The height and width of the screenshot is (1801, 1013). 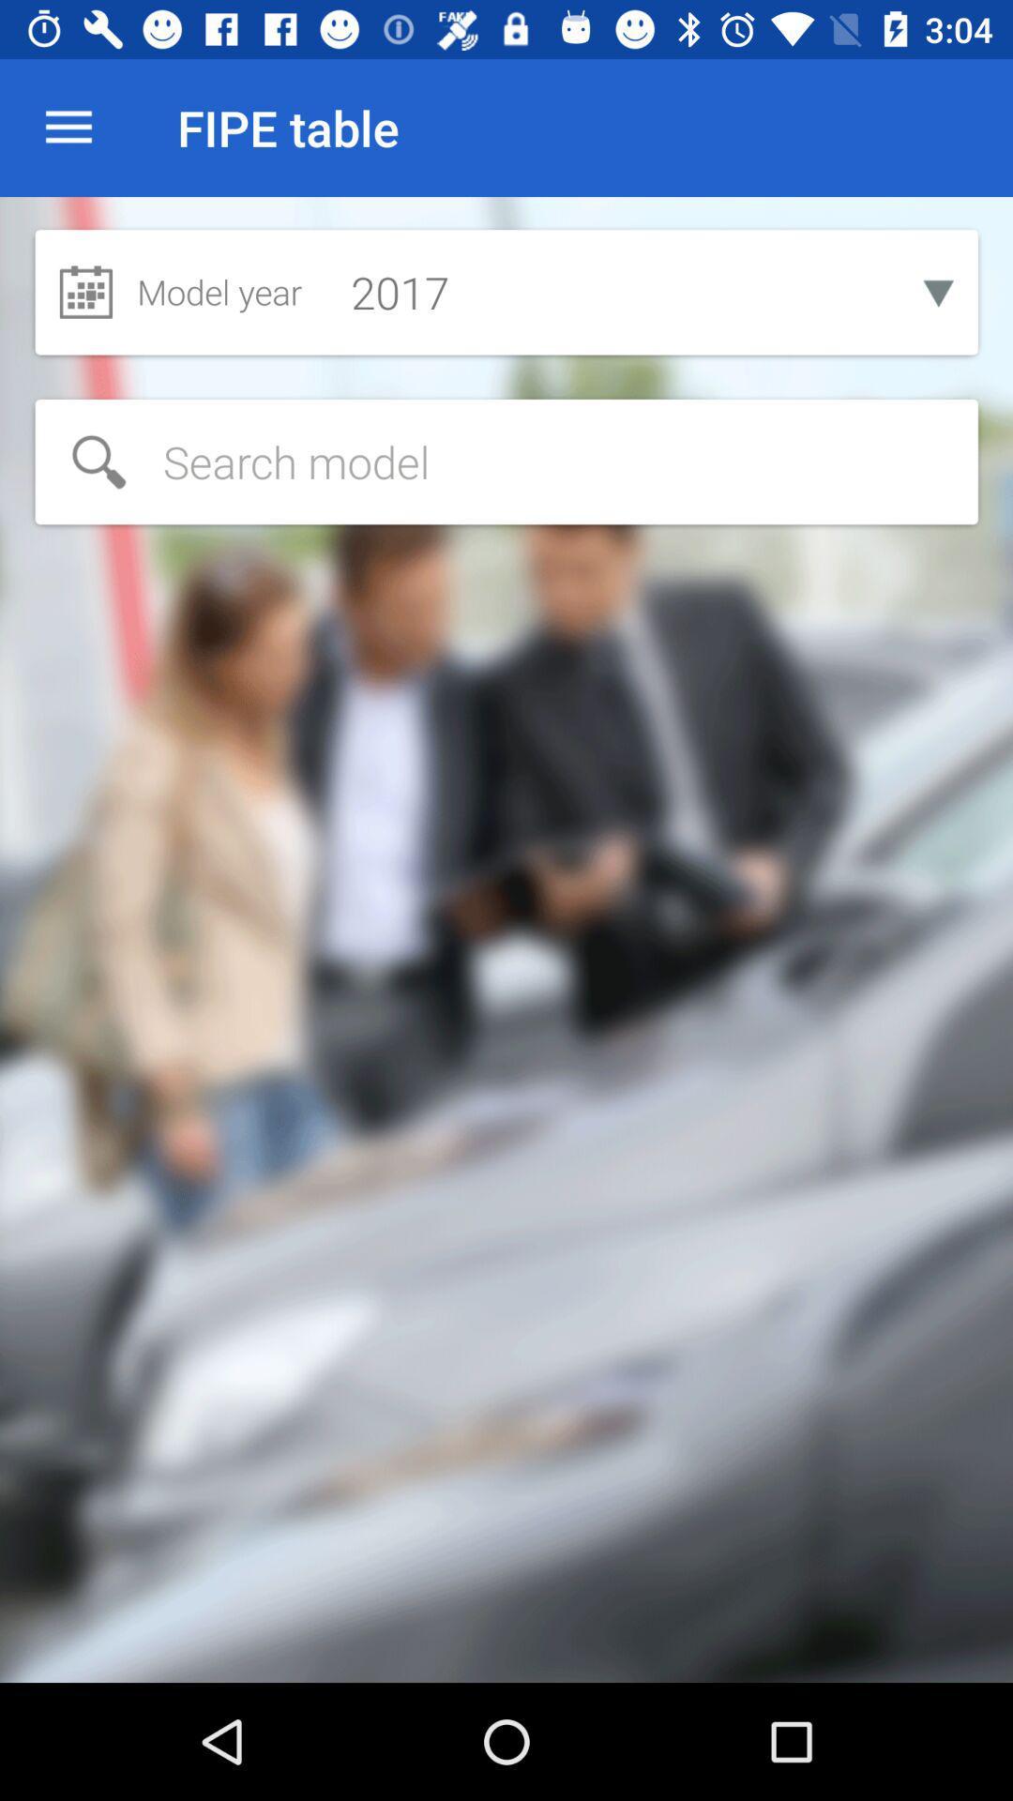 What do you see at coordinates (506, 462) in the screenshot?
I see `search items` at bounding box center [506, 462].